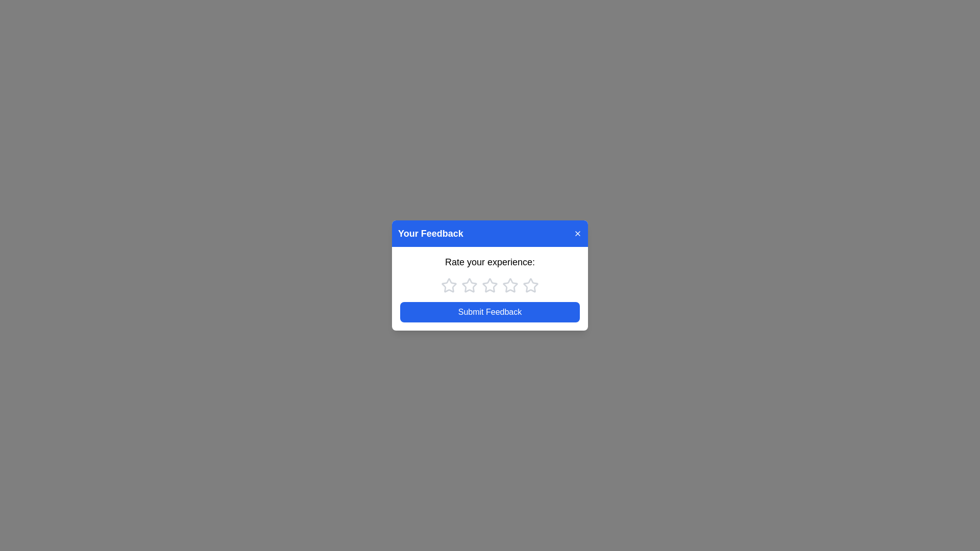  Describe the element at coordinates (531, 285) in the screenshot. I see `the star corresponding to the rating 5` at that location.